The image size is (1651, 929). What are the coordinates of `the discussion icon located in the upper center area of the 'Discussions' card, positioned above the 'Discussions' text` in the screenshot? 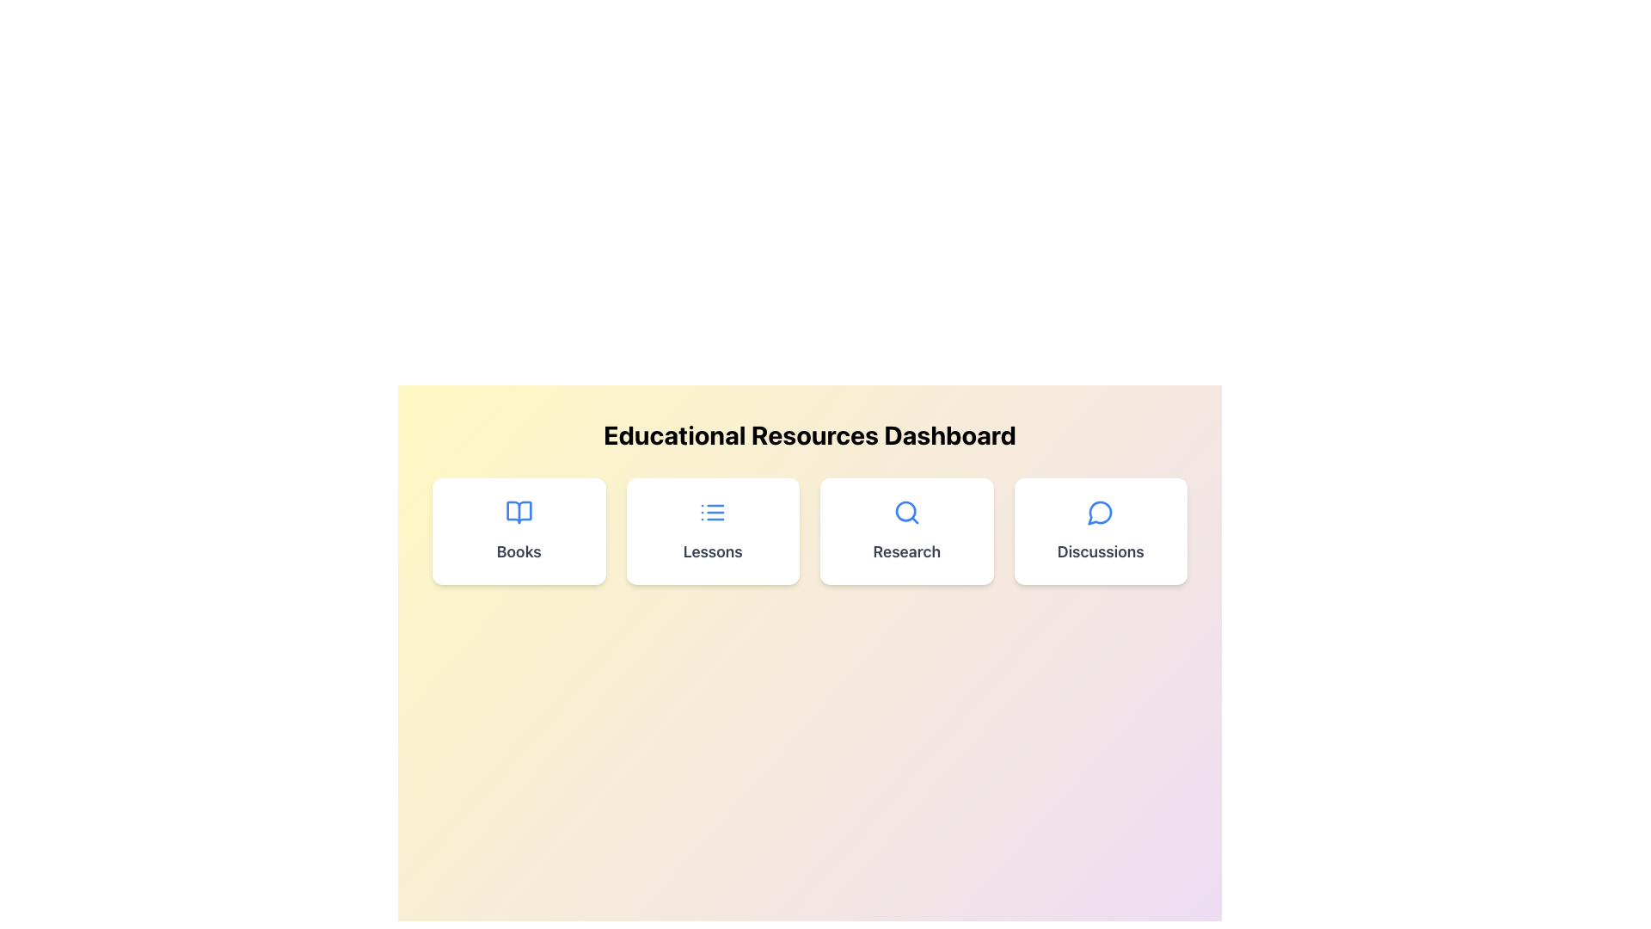 It's located at (1101, 512).